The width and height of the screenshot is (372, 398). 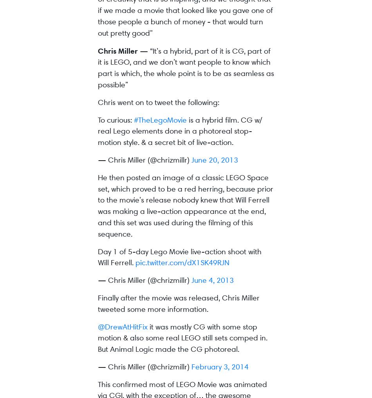 I want to click on 'Day 1 of 5-day Lego Movie live-action shoot with Will Ferrell.', so click(x=179, y=257).